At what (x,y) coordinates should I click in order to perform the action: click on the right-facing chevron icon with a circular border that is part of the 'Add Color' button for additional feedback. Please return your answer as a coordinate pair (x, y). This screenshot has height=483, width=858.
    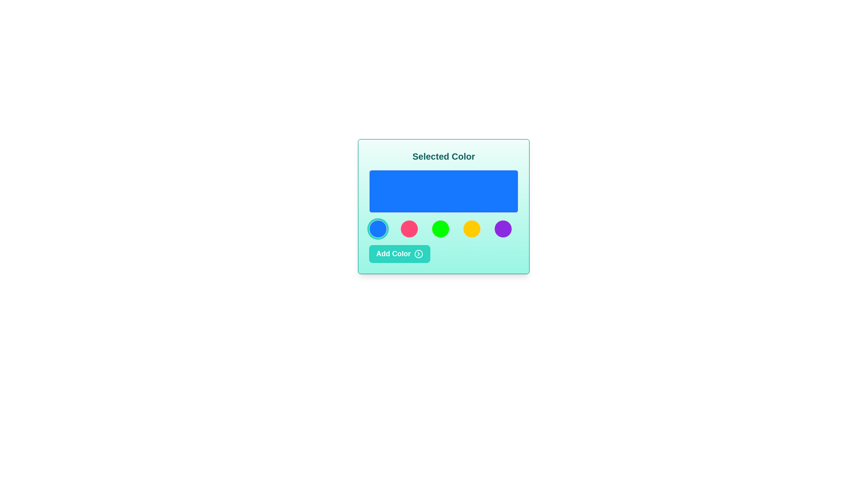
    Looking at the image, I should click on (418, 254).